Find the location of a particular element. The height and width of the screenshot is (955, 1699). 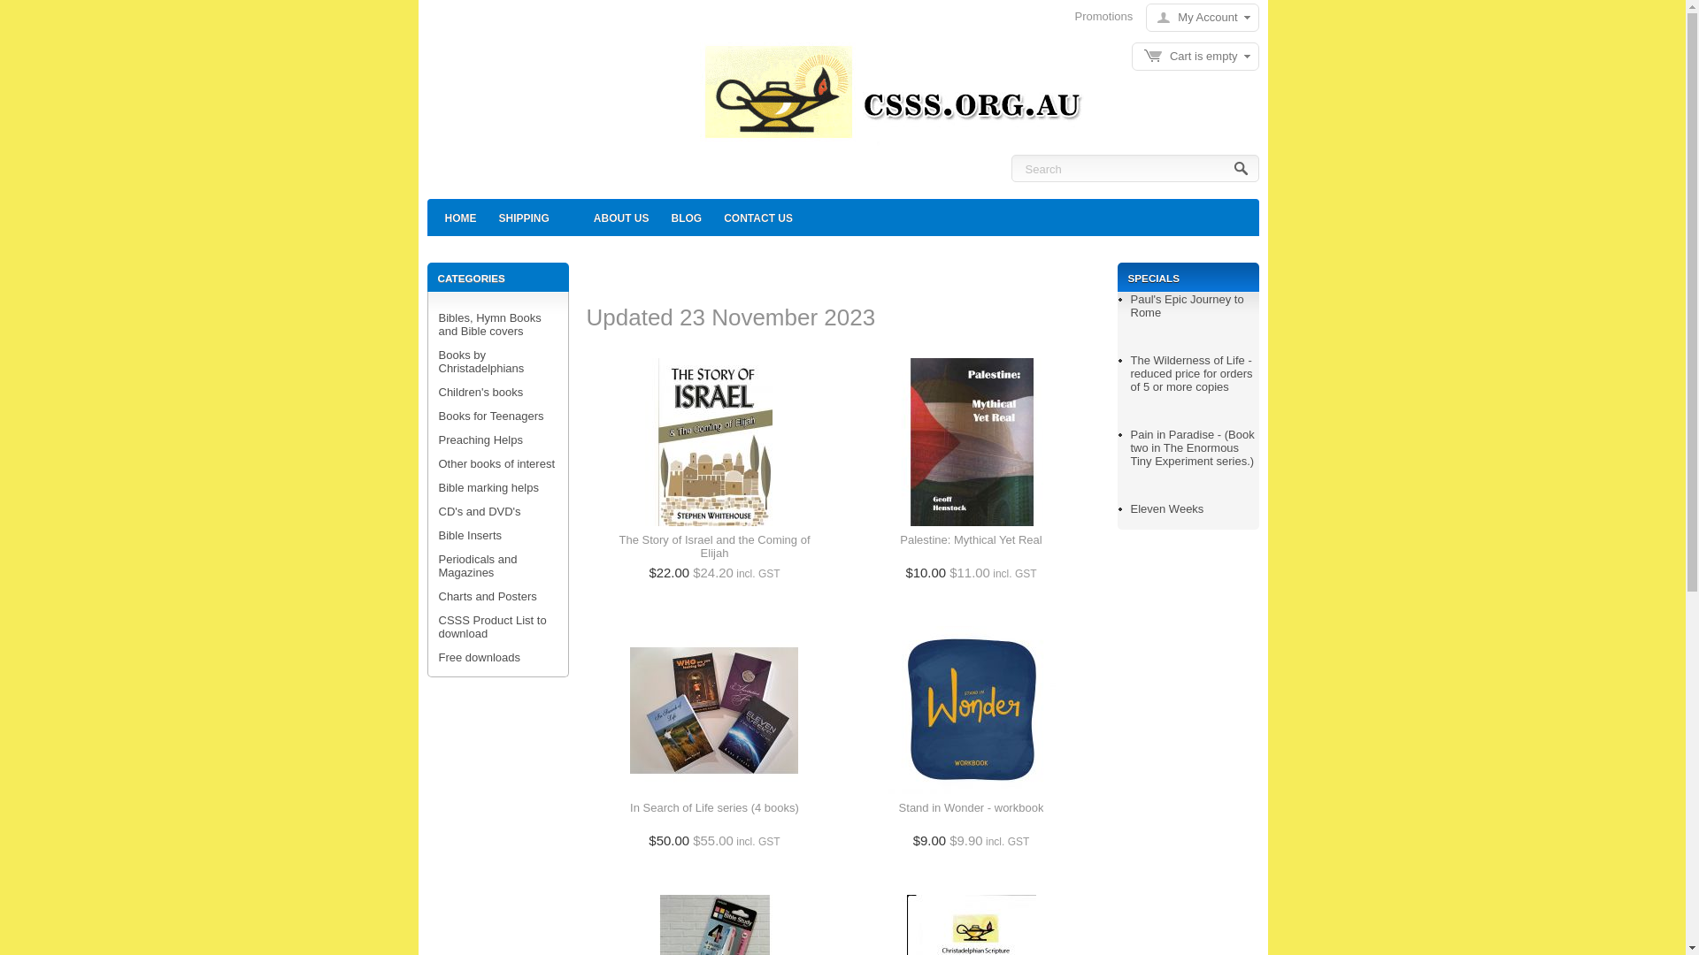

'SHIPPING' is located at coordinates (523, 217).